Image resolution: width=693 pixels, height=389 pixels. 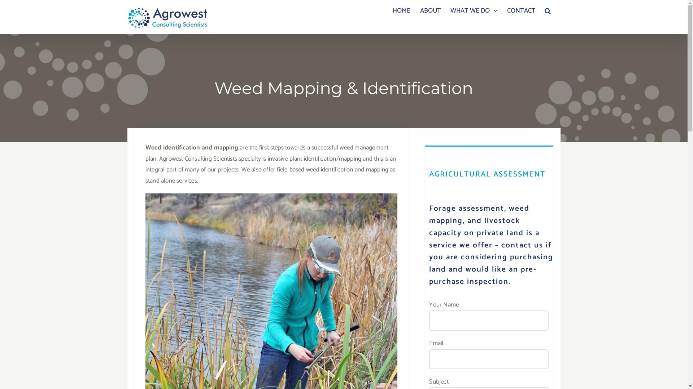 What do you see at coordinates (544, 11) in the screenshot?
I see `'Search'` at bounding box center [544, 11].